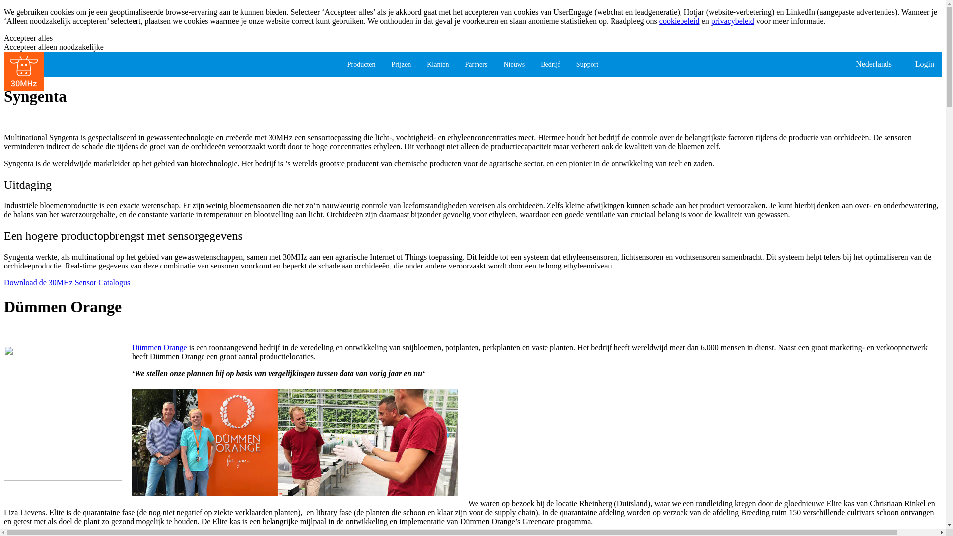  What do you see at coordinates (498, 65) in the screenshot?
I see `'Nieuws'` at bounding box center [498, 65].